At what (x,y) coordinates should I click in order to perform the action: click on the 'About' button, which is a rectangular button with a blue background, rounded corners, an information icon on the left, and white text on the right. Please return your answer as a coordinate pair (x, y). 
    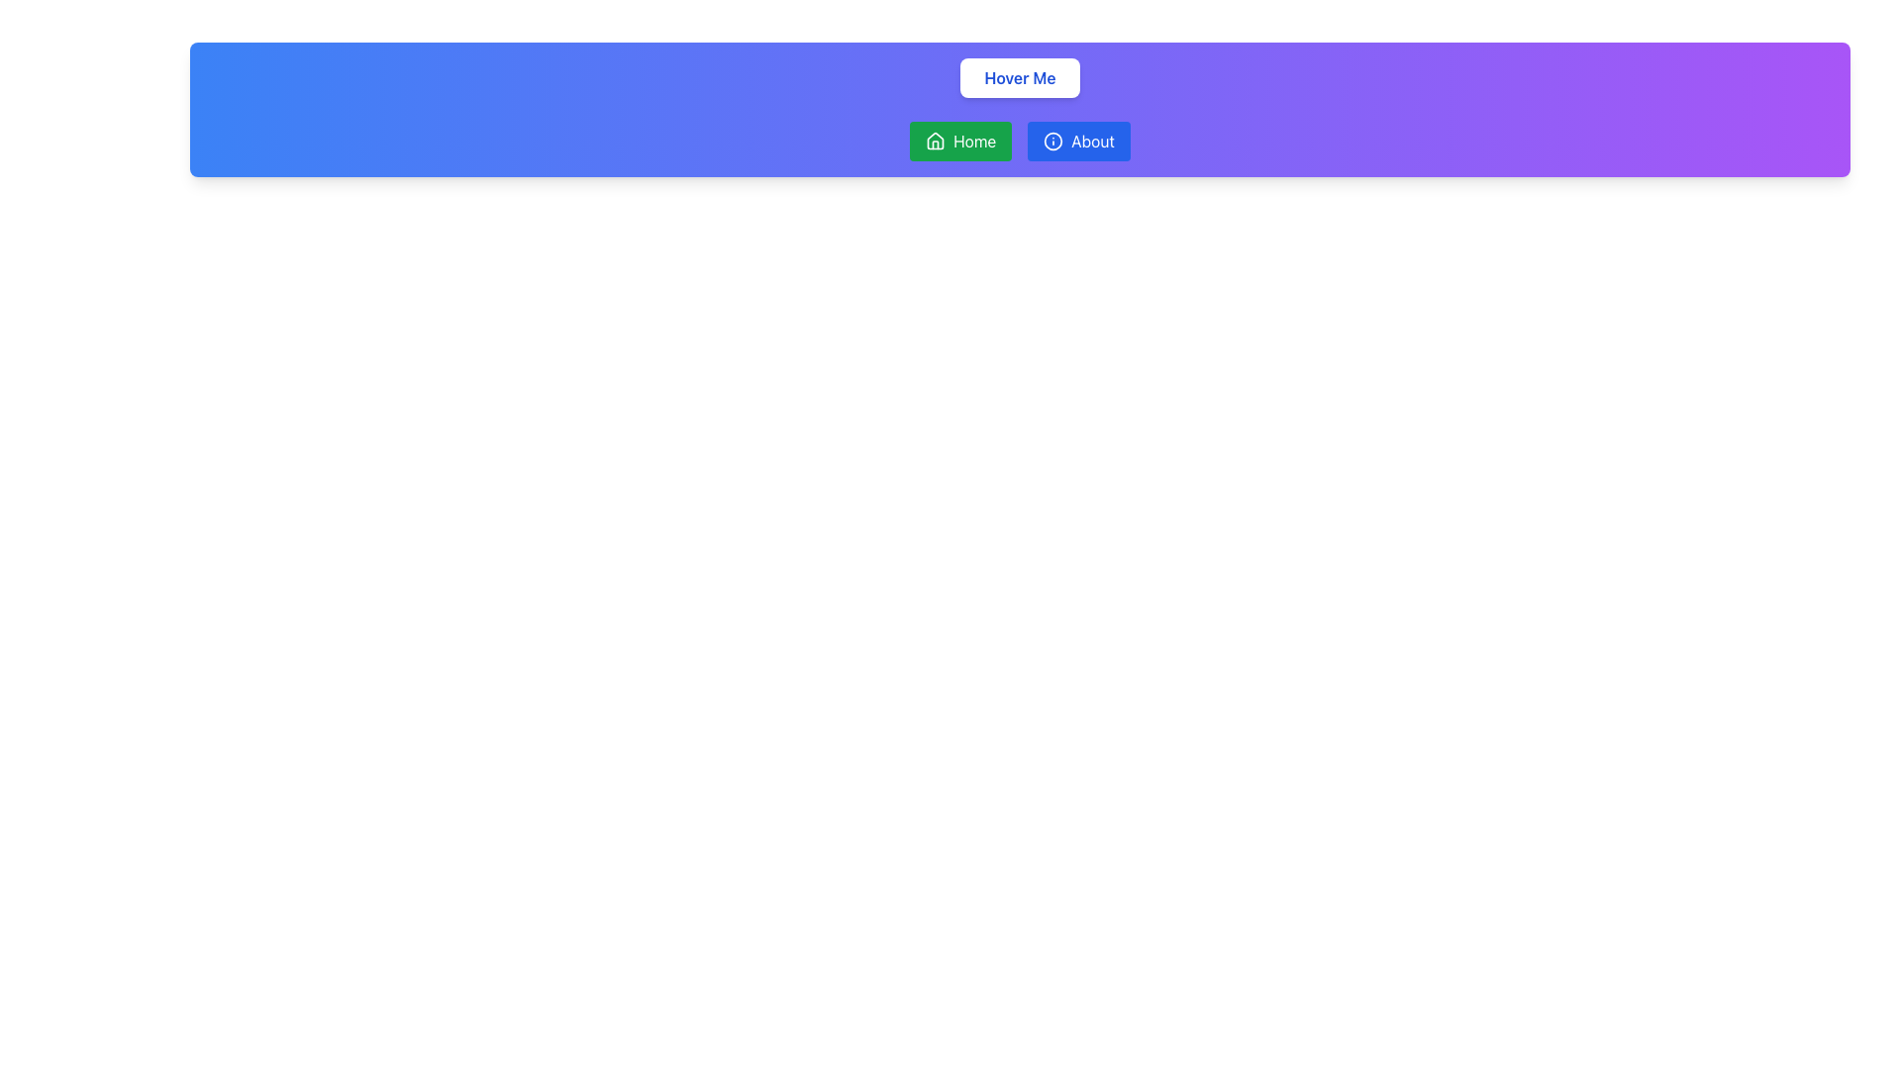
    Looking at the image, I should click on (1077, 140).